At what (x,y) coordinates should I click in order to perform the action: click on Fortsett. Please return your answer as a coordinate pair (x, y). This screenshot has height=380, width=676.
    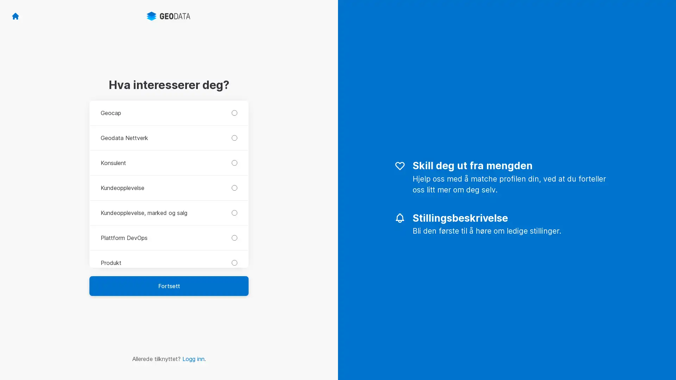
    Looking at the image, I should click on (169, 286).